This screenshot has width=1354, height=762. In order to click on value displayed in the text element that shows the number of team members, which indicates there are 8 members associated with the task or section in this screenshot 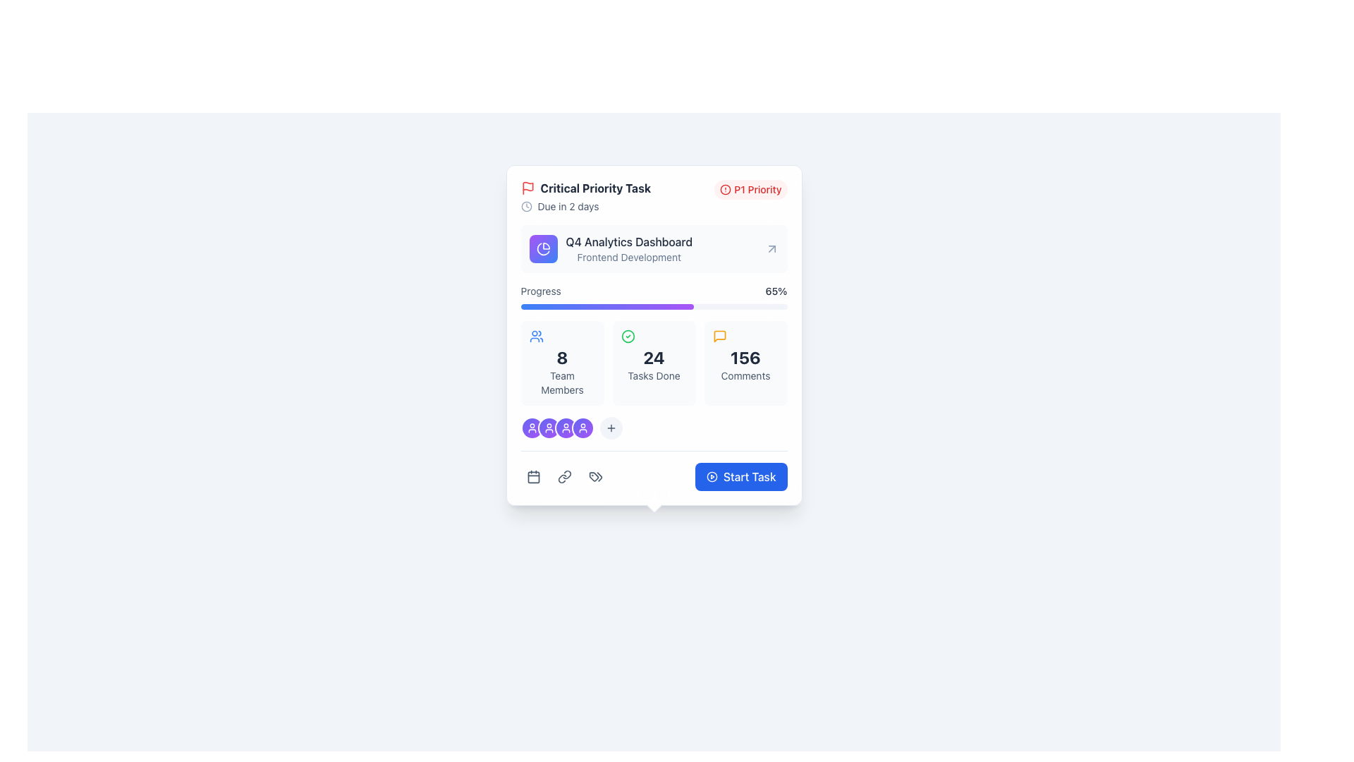, I will do `click(561, 356)`.